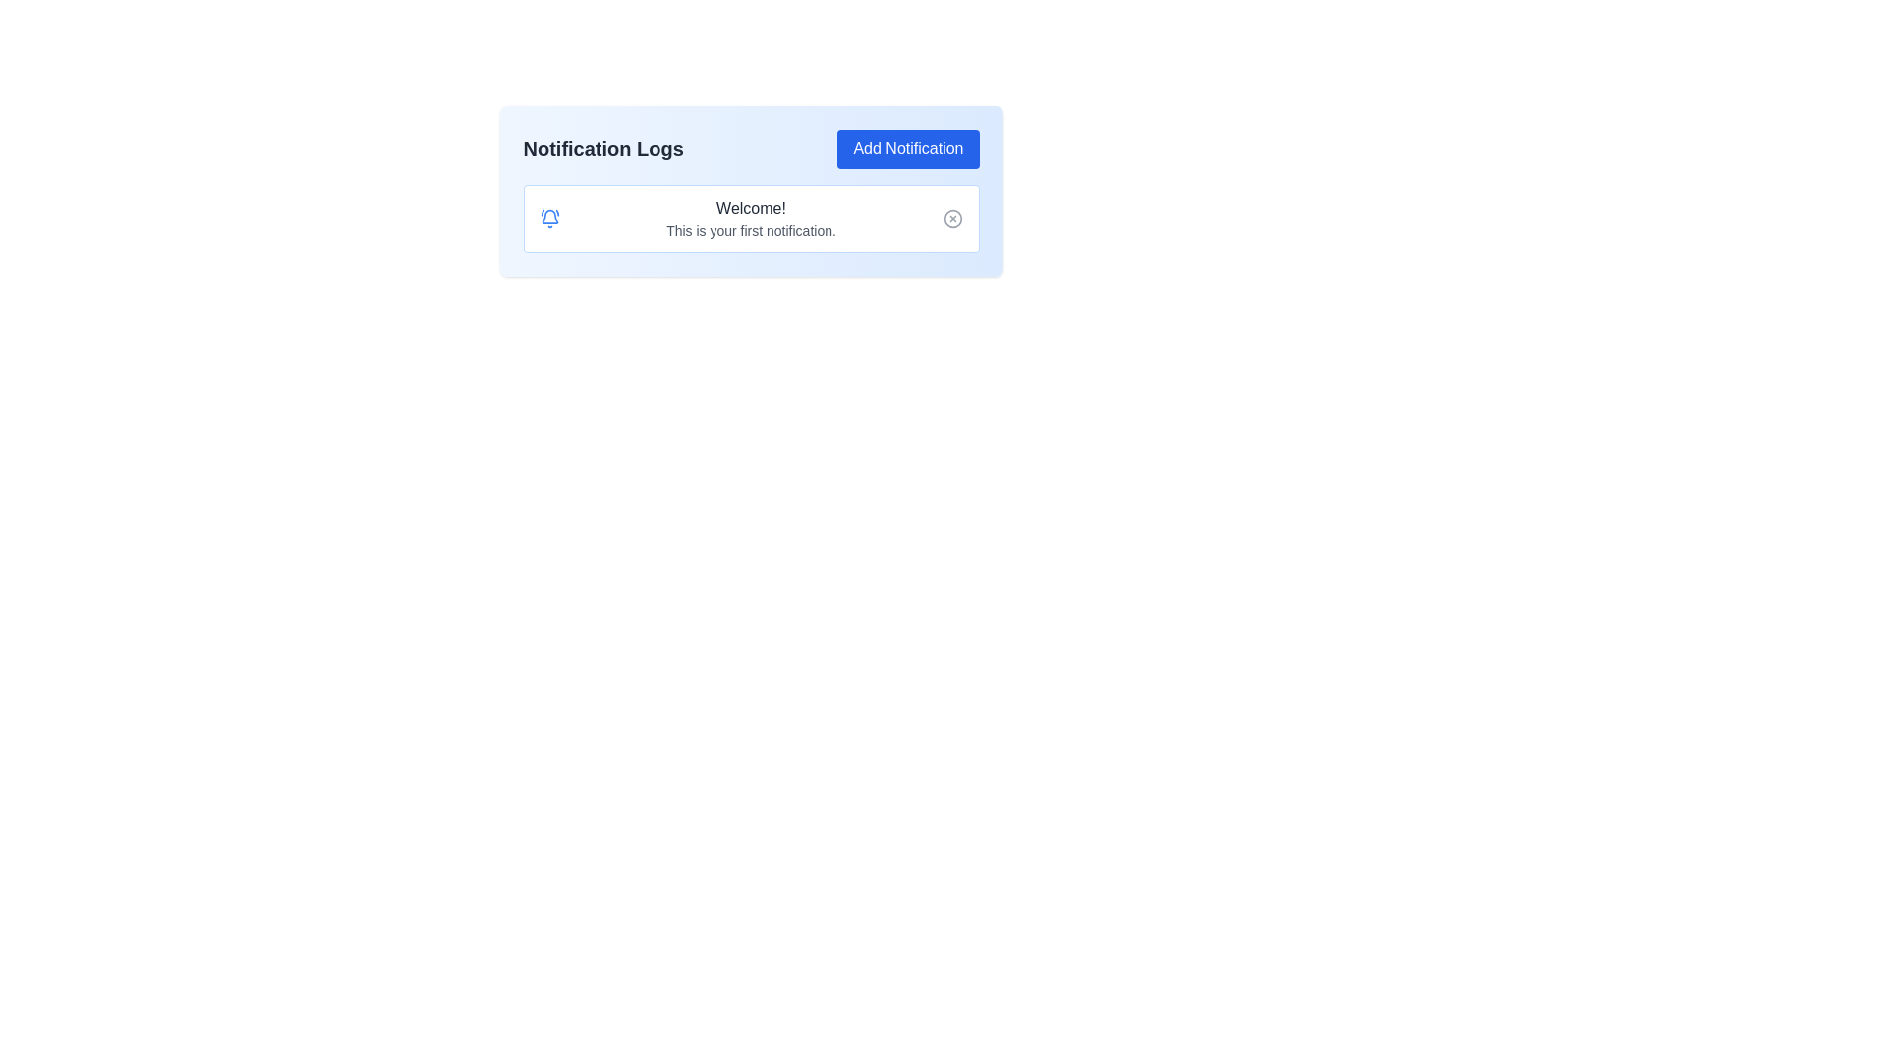 The image size is (1887, 1061). I want to click on the blue button labeled 'Add Notification' located at the top-right of the 'Notification Logs' section to initiate an action, so click(907, 147).